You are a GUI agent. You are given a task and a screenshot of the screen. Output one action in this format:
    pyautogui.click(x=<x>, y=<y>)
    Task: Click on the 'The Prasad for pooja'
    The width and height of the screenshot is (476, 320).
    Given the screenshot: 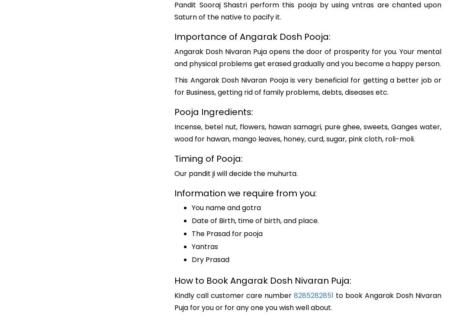 What is the action you would take?
    pyautogui.click(x=227, y=234)
    